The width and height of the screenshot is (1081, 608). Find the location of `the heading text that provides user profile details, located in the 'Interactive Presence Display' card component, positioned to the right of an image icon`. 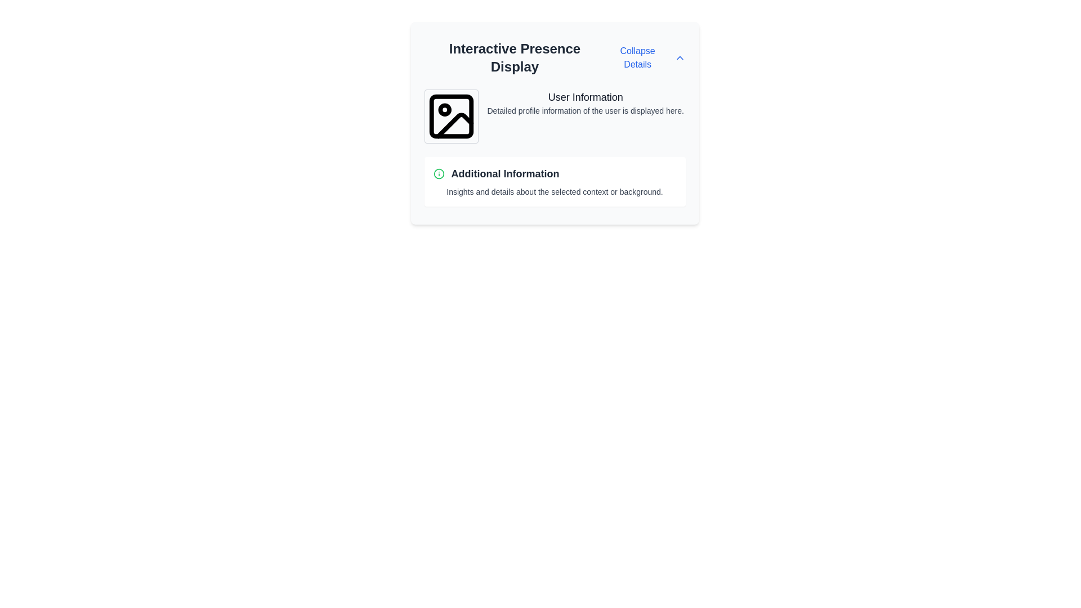

the heading text that provides user profile details, located in the 'Interactive Presence Display' card component, positioned to the right of an image icon is located at coordinates (586, 97).